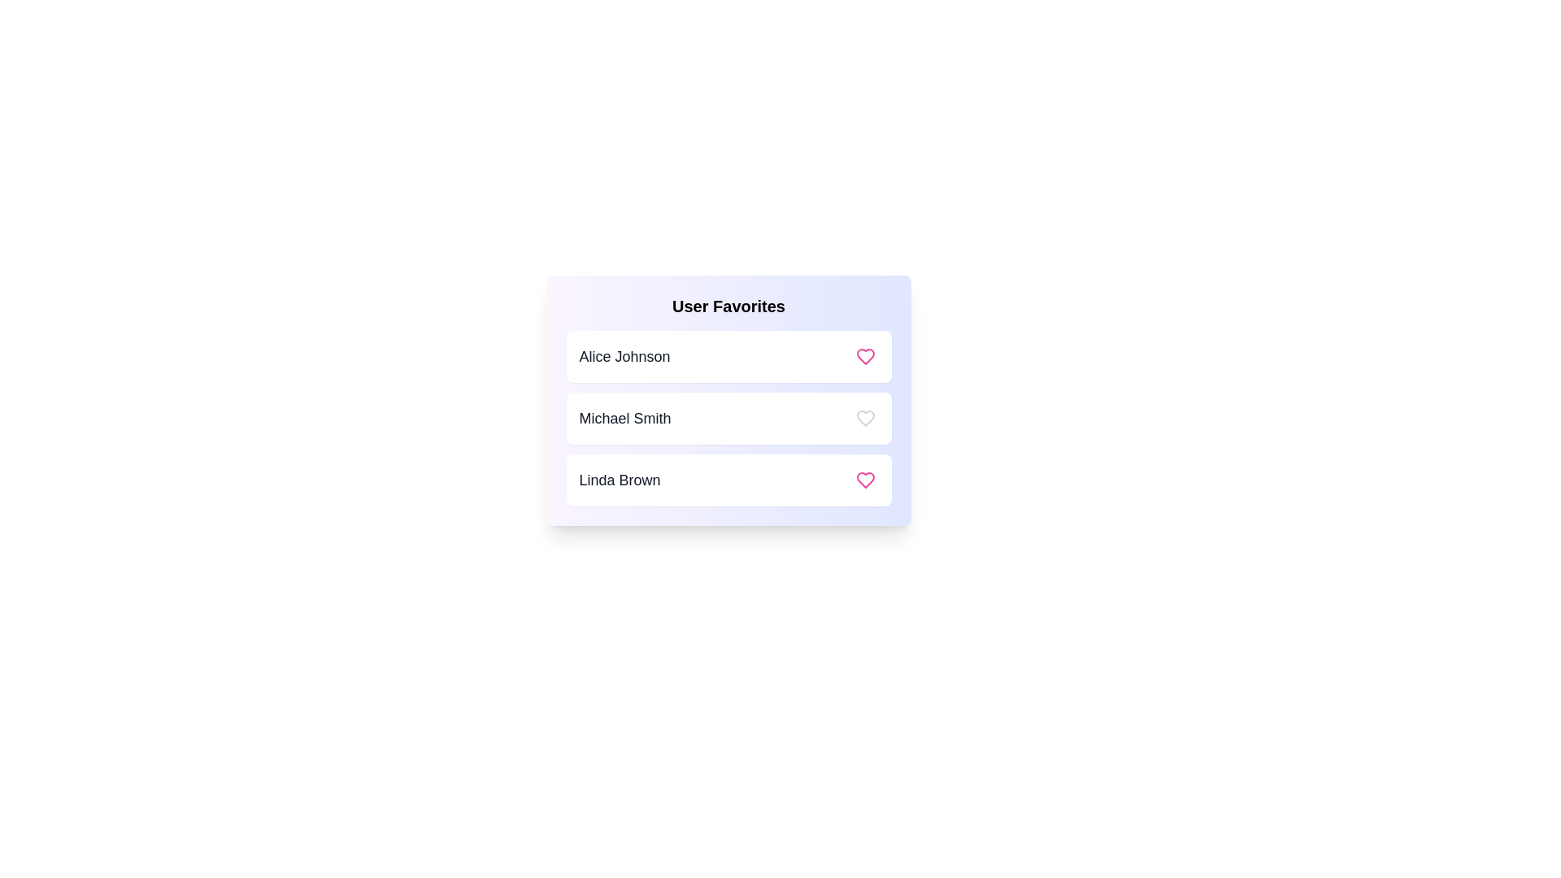 The width and height of the screenshot is (1561, 878). Describe the element at coordinates (728, 418) in the screenshot. I see `the list item with the name Michael Smith` at that location.